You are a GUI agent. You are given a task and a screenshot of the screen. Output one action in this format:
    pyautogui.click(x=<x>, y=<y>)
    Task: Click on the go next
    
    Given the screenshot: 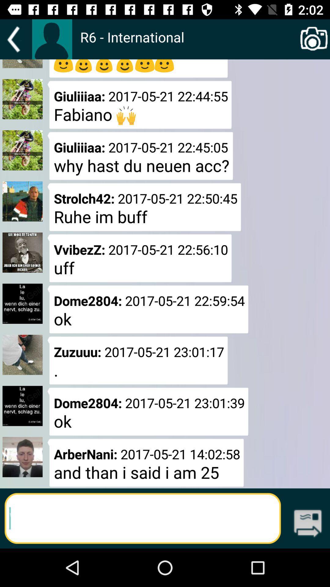 What is the action you would take?
    pyautogui.click(x=308, y=524)
    